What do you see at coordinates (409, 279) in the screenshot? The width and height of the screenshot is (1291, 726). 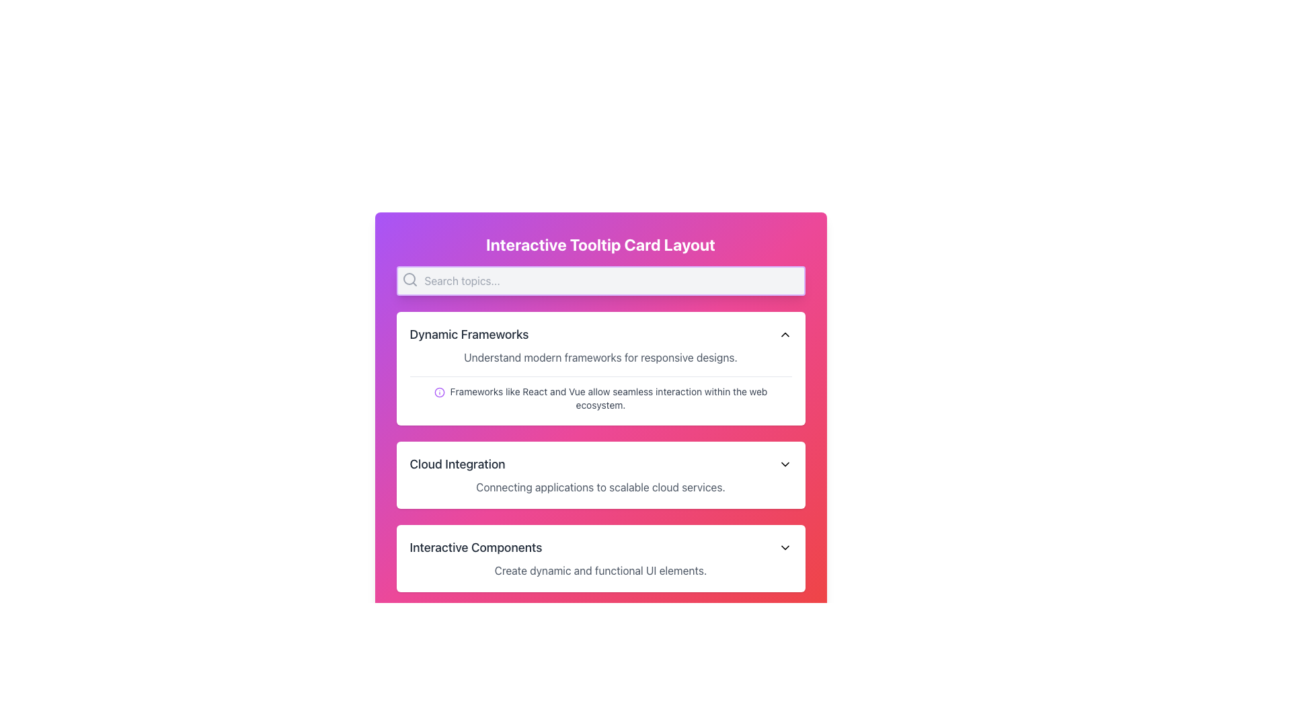 I see `the magnifying glass icon representing the search function, located at the top-left corner of the search input field` at bounding box center [409, 279].